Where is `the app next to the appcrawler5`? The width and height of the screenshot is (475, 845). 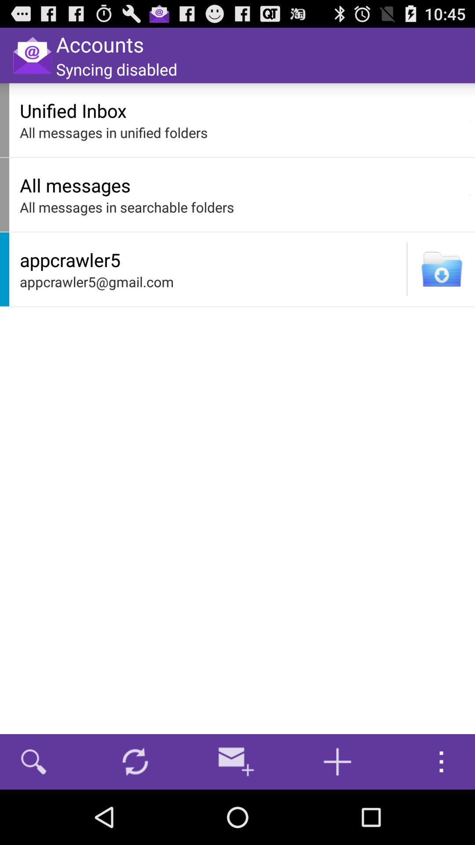 the app next to the appcrawler5 is located at coordinates (407, 268).